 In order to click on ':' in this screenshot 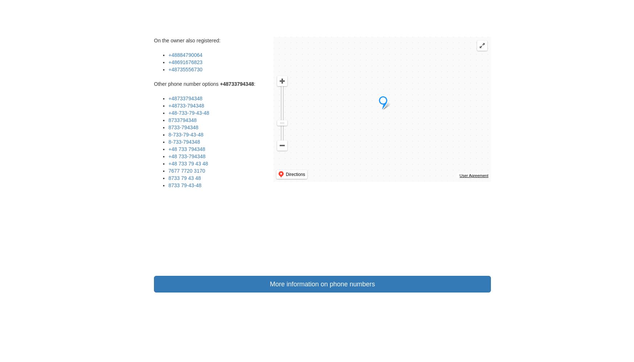, I will do `click(254, 84)`.